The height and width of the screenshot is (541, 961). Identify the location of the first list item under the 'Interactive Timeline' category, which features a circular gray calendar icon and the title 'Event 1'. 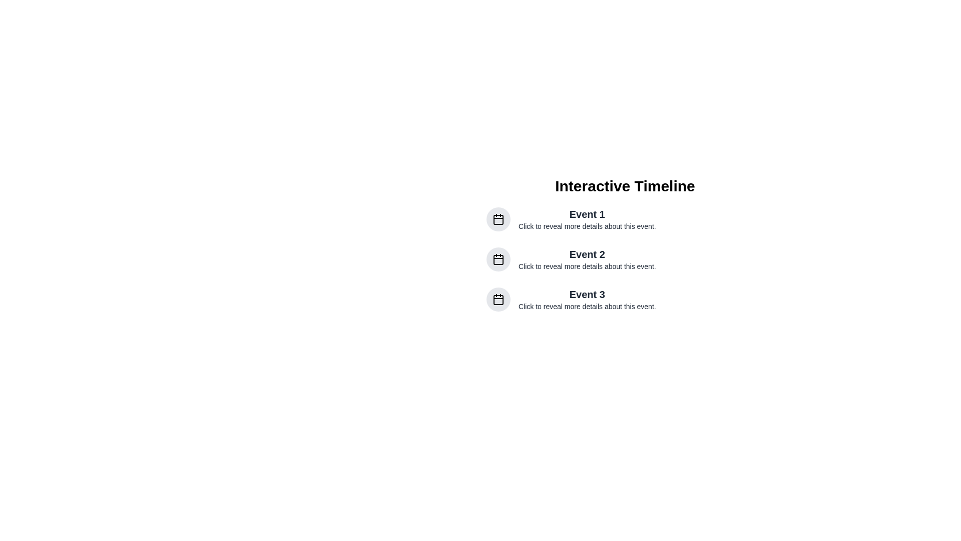
(624, 219).